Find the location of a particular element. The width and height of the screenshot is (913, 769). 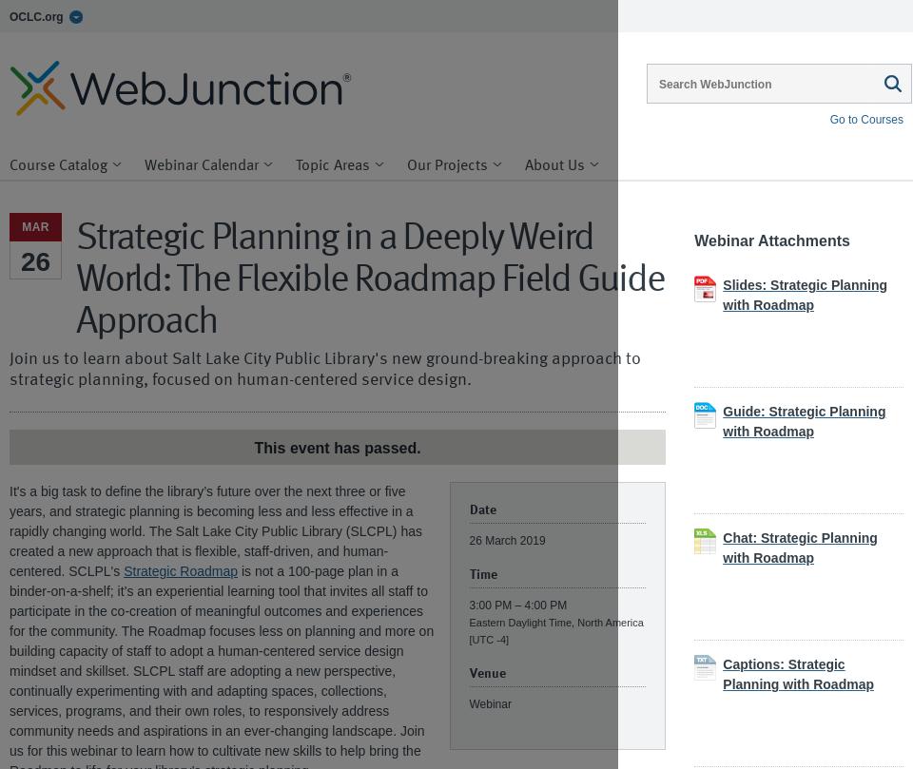

'Chat: Strategic Planning with Roadmap' is located at coordinates (799, 548).